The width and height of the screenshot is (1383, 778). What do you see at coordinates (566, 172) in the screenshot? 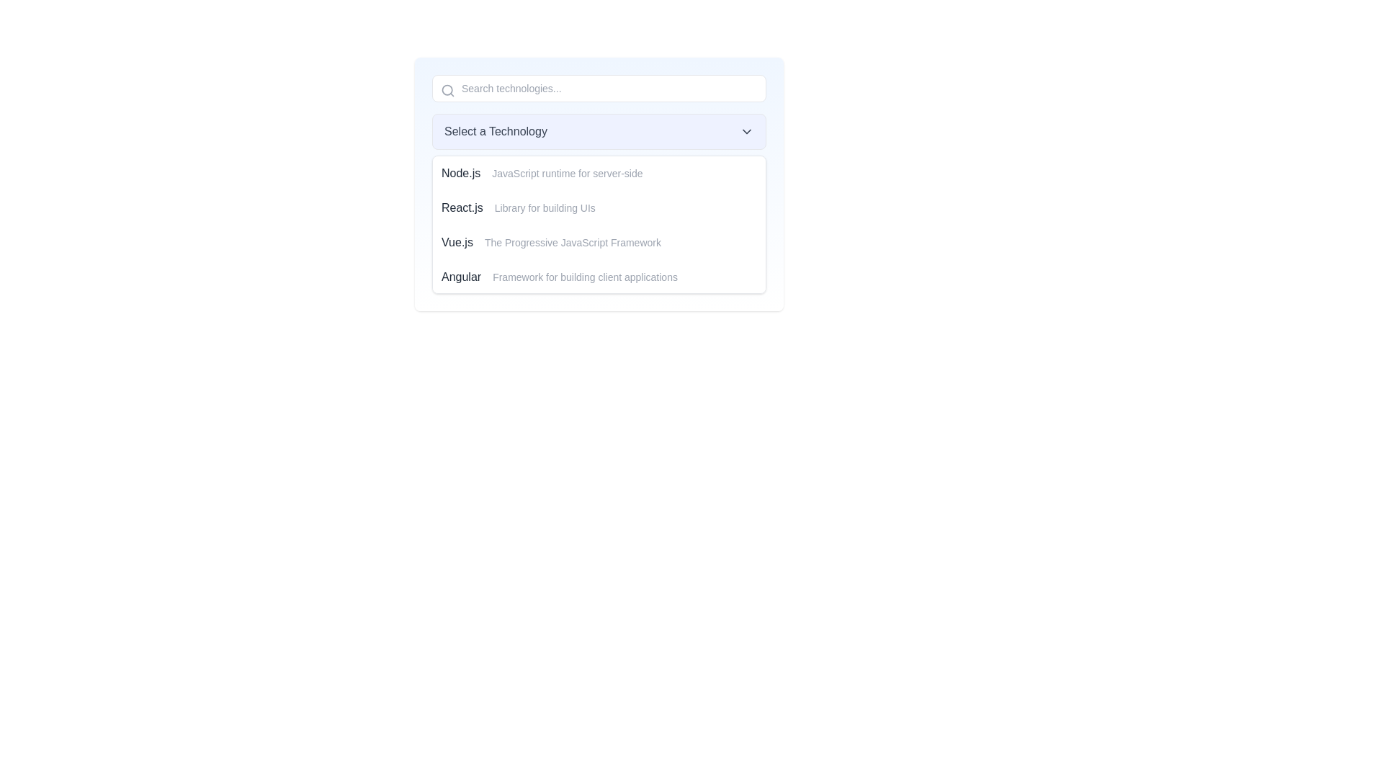
I see `the descriptive text label located beside the title 'Node.js' in the selectable list under the section 'Select a Technology'` at bounding box center [566, 172].